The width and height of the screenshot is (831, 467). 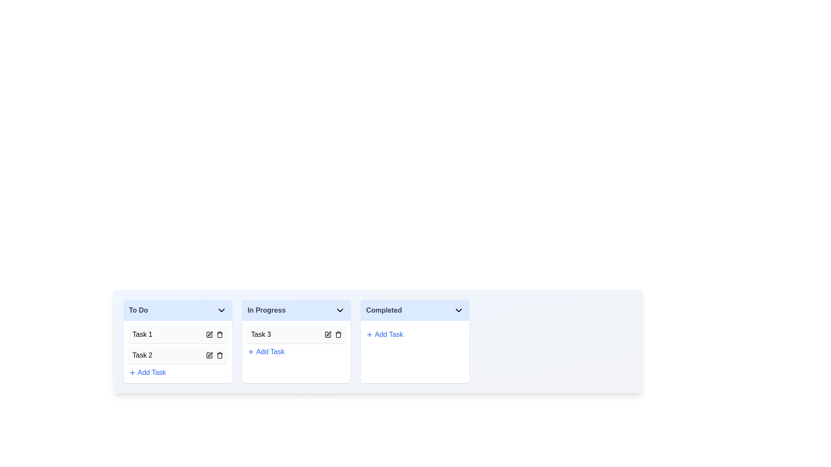 I want to click on the task identified by Task 2 from the board, so click(x=220, y=355).